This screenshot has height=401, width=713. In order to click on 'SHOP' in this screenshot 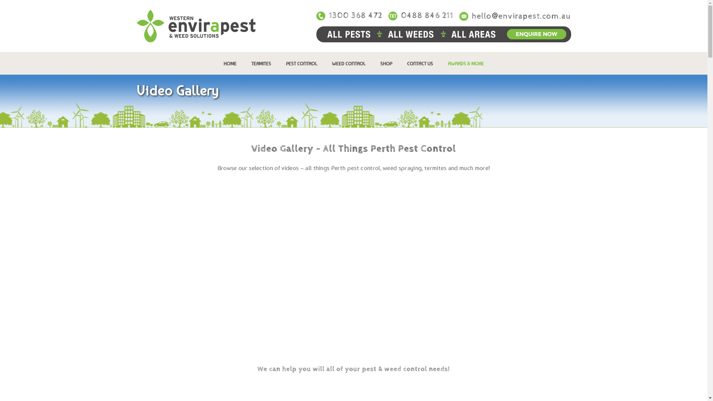, I will do `click(386, 63)`.